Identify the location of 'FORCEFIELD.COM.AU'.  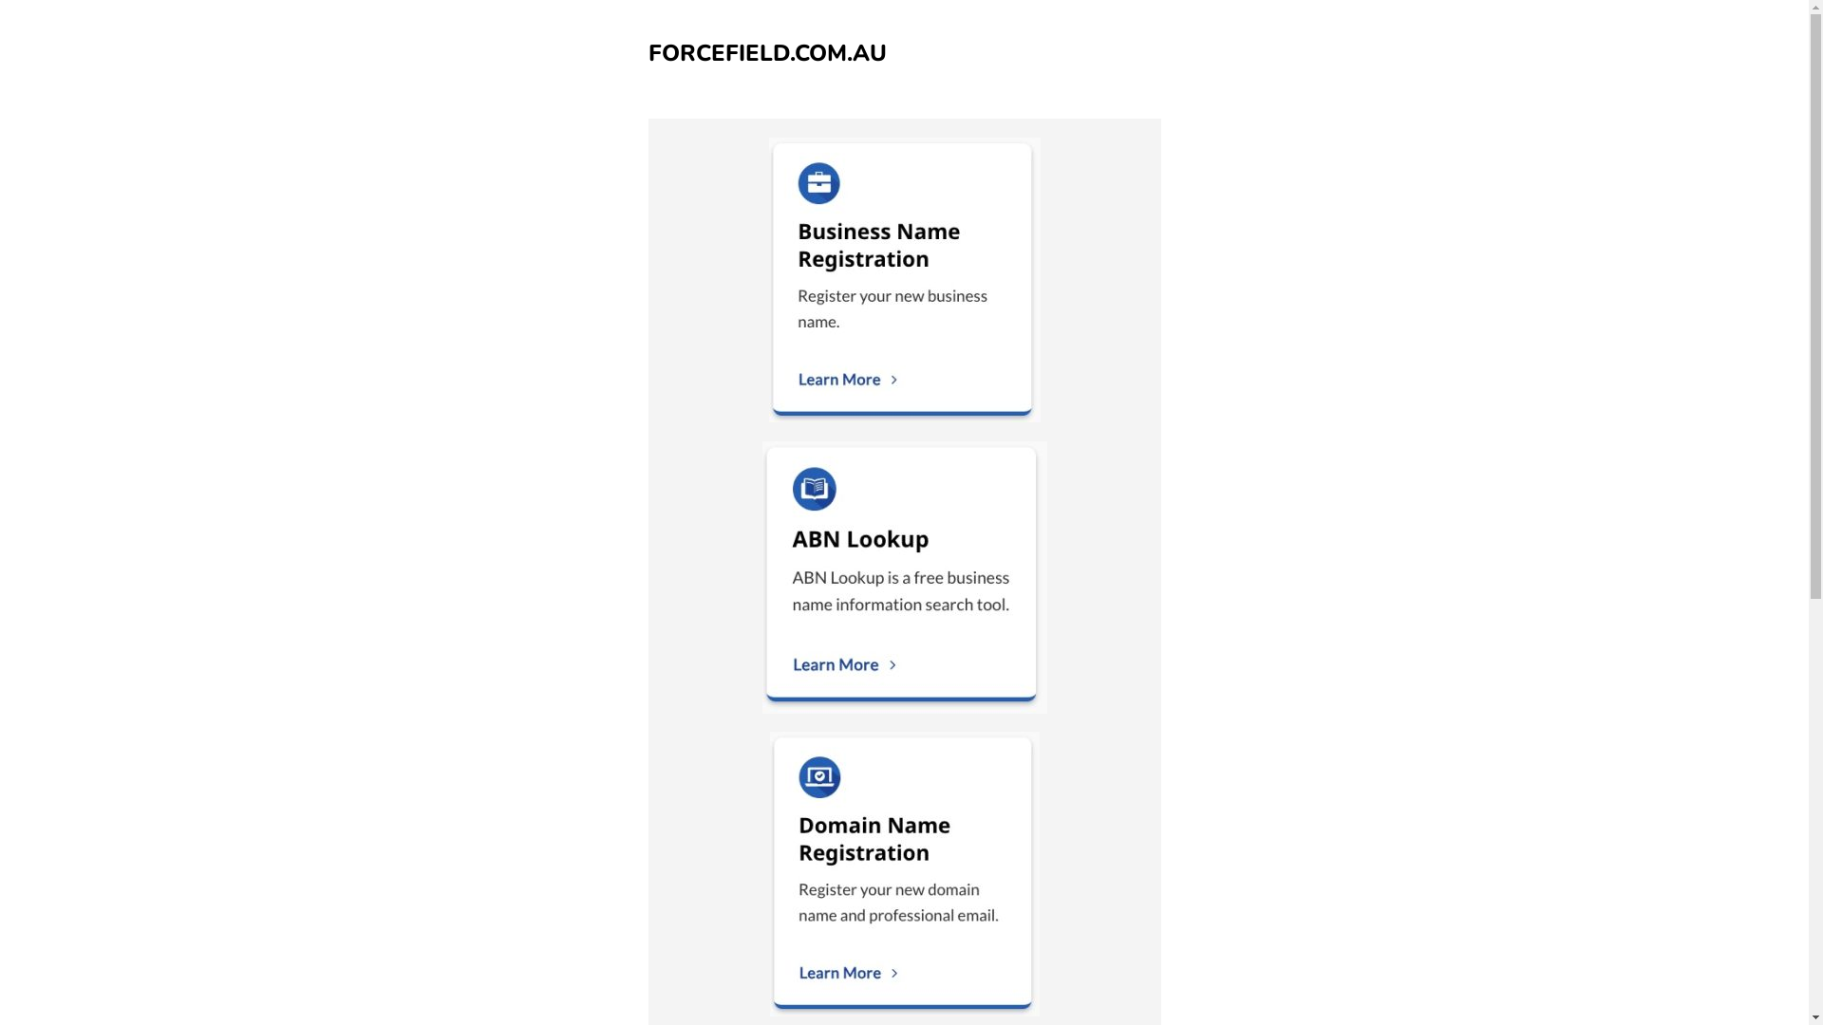
(647, 52).